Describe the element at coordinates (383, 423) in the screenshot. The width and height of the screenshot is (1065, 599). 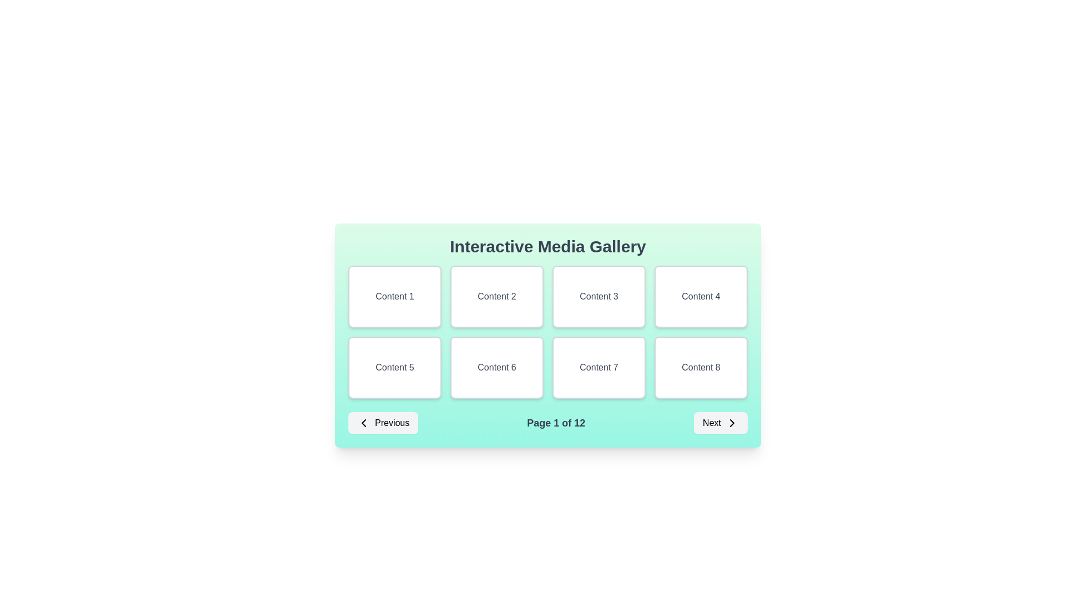
I see `the 'Previous' button, which is a rounded rectangular button with a light gray background located at the bottom-left corner of the pagination bar` at that location.